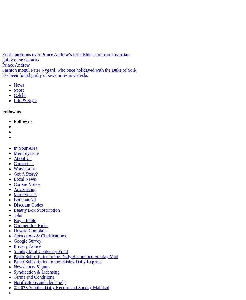  I want to click on 'Discount Codes', so click(28, 205).